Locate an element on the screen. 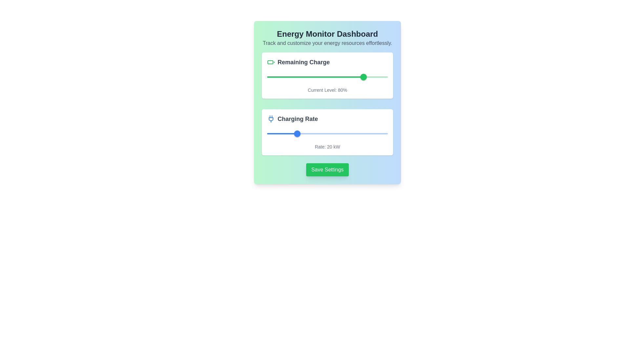  the 'Charging Rate' text label, which is styled in bold dark gray and located in a blue box below the 'Remaining Charge' section is located at coordinates (297, 119).